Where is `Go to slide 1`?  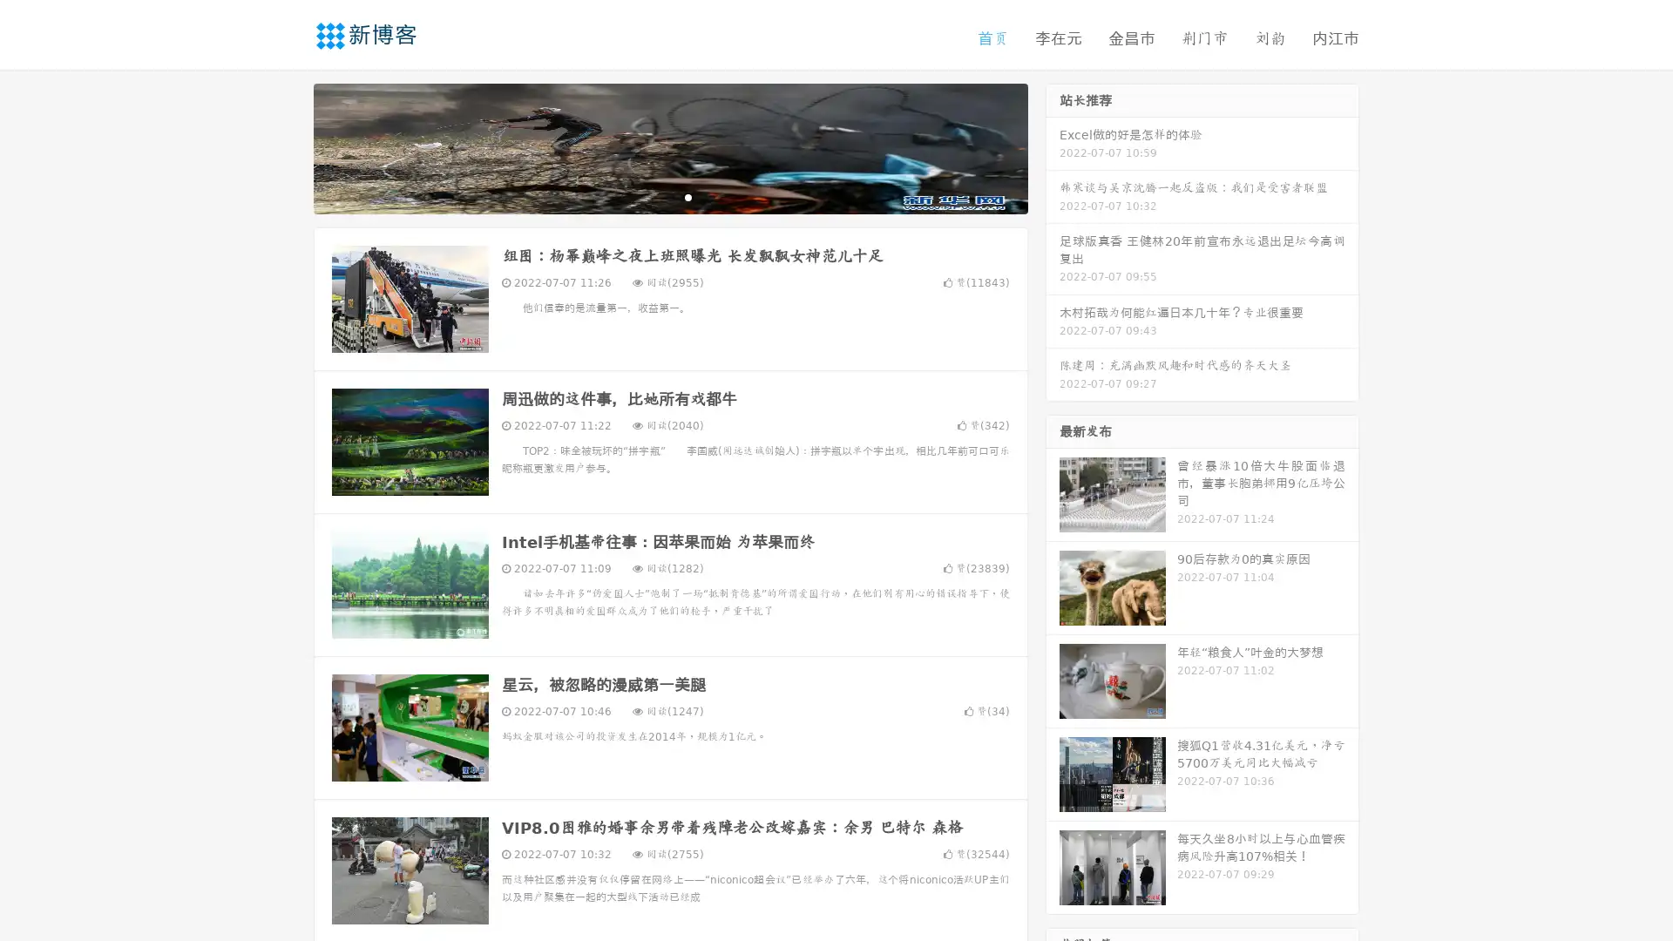
Go to slide 1 is located at coordinates (652, 196).